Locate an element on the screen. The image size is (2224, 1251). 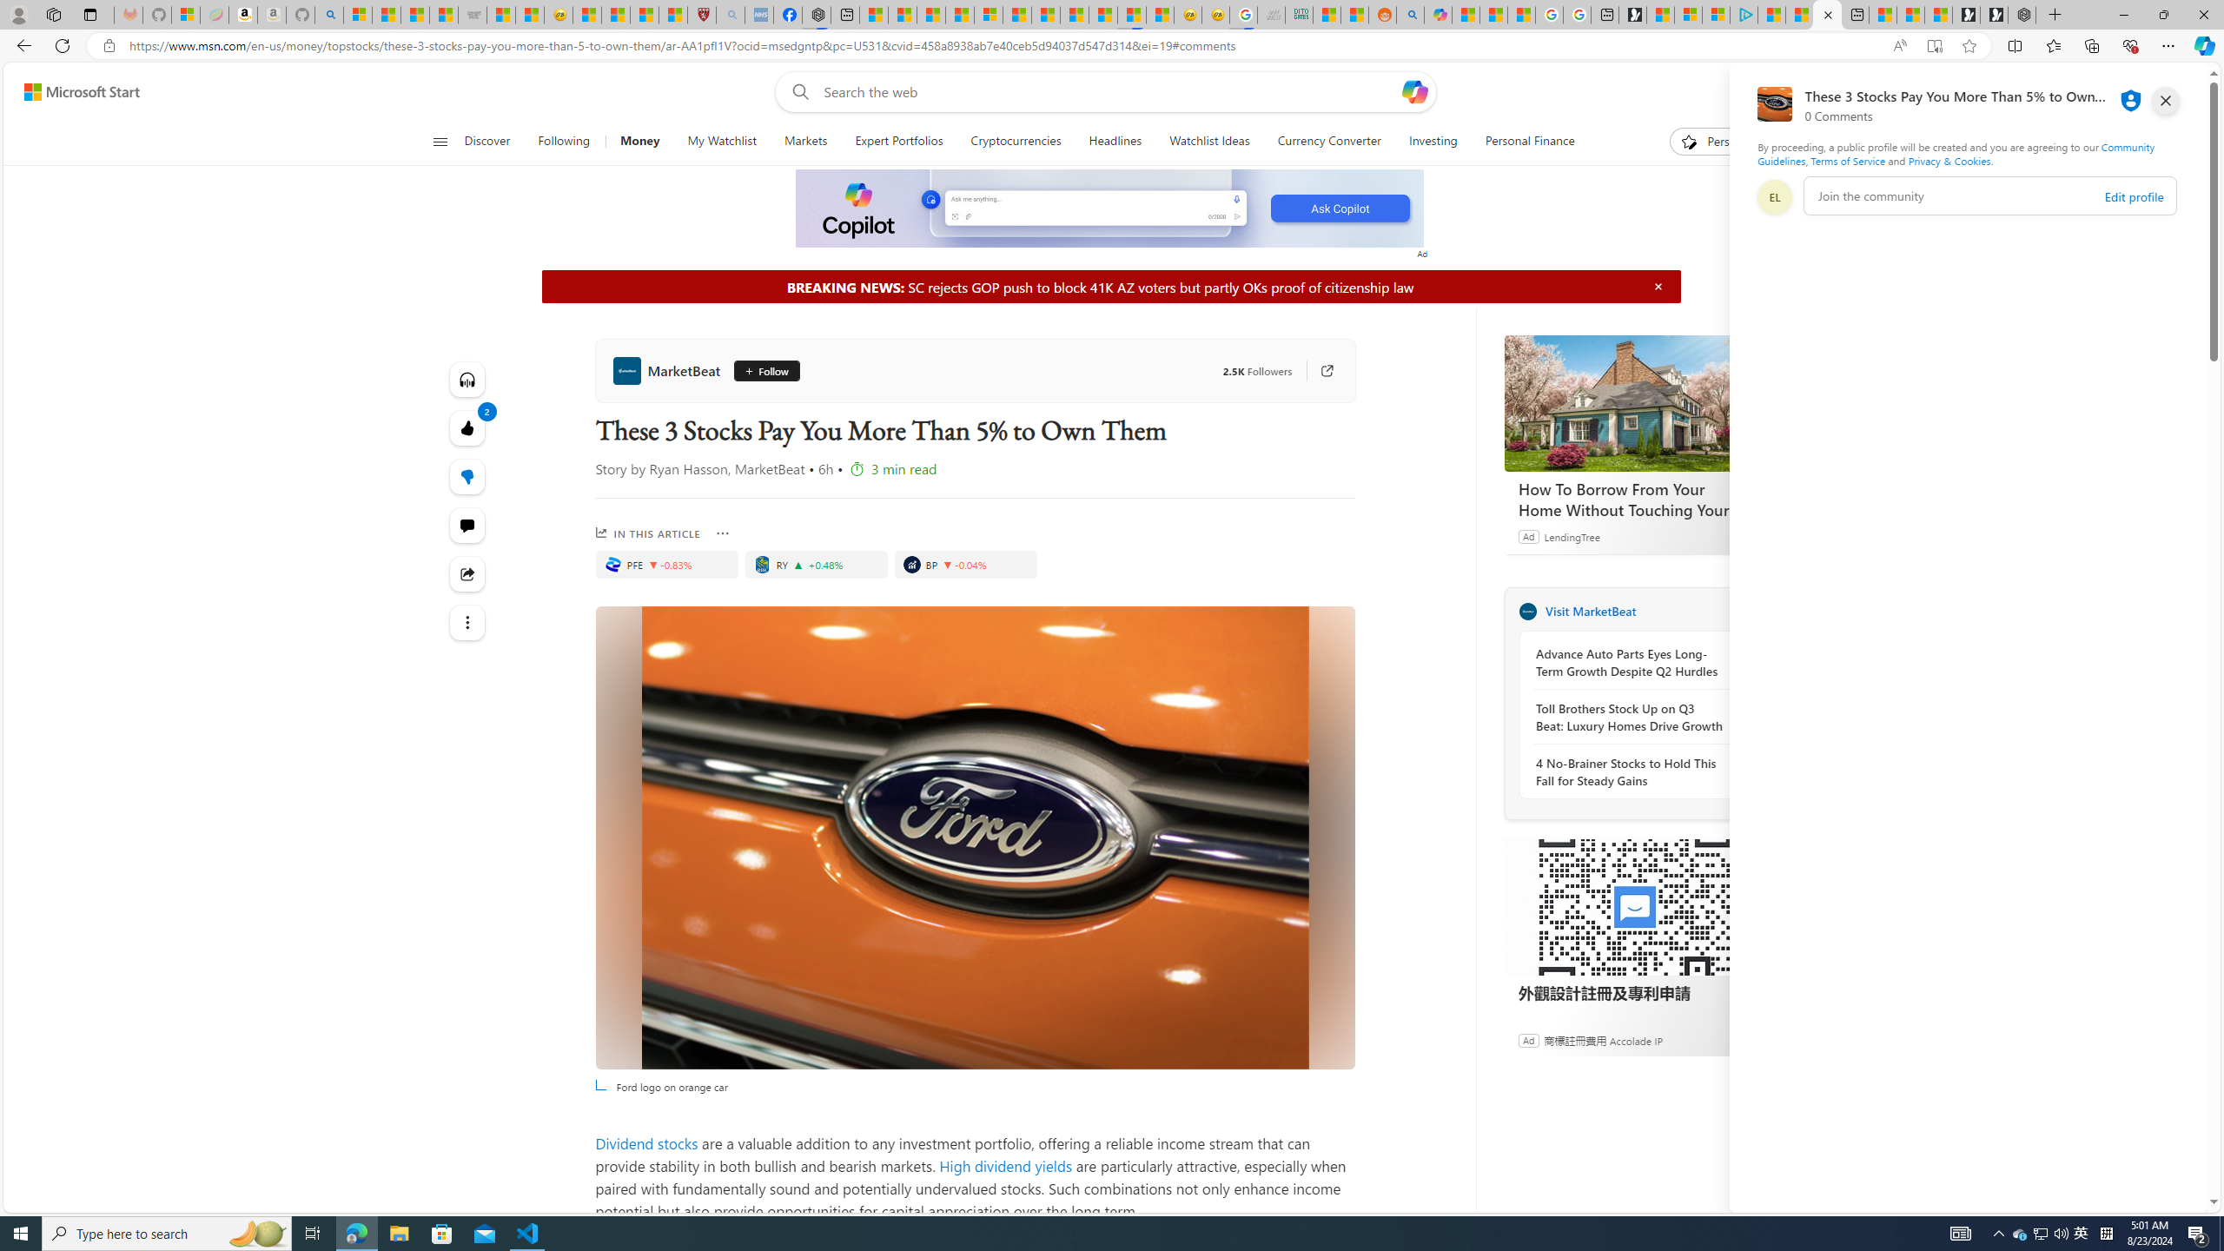
'Terms of Service' is located at coordinates (1848, 160).